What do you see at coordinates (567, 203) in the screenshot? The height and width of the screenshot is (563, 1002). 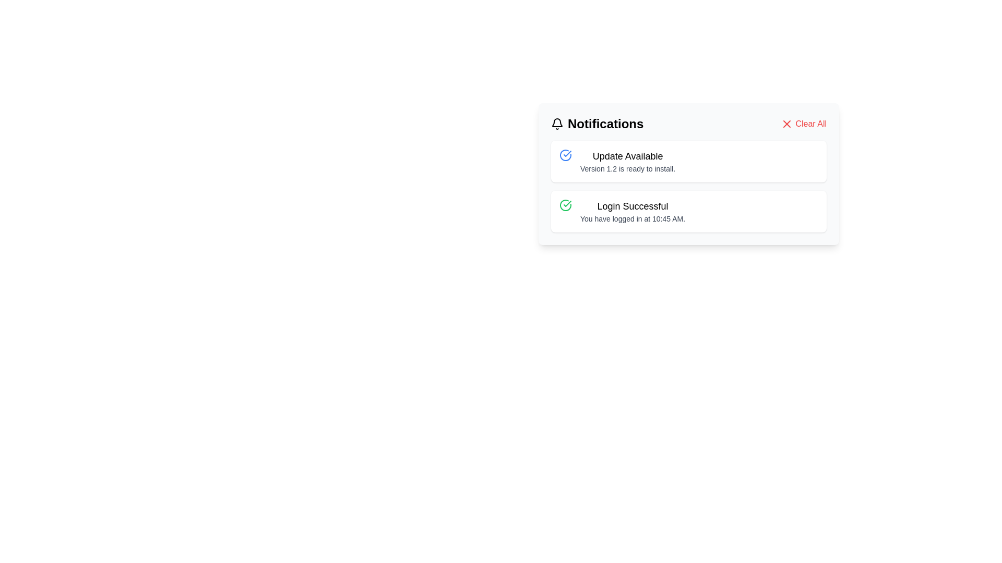 I see `the green checkmark icon located in the top-left notification card, which indicates a successful or completed action` at bounding box center [567, 203].